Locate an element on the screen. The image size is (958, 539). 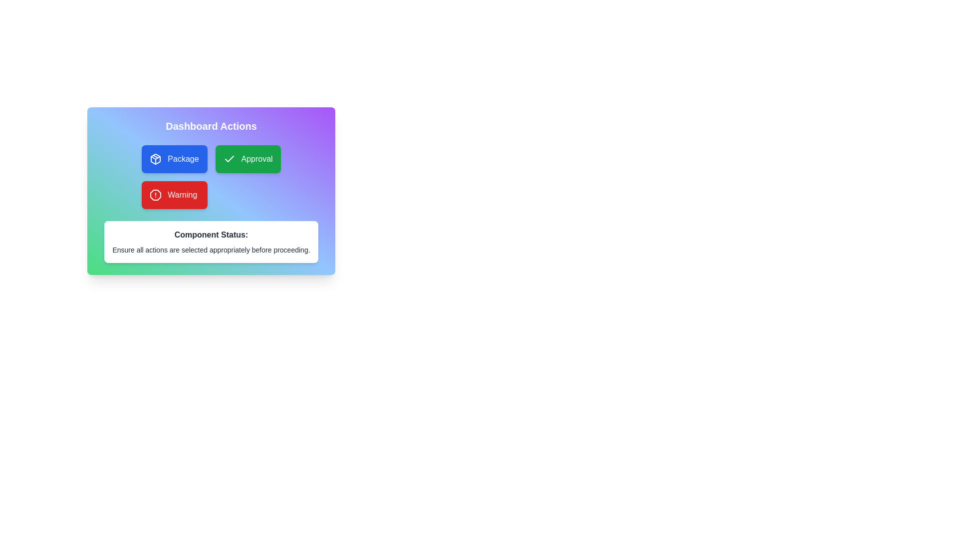
the 'Package' button located under the 'Dashboard Actions' header is located at coordinates (174, 159).